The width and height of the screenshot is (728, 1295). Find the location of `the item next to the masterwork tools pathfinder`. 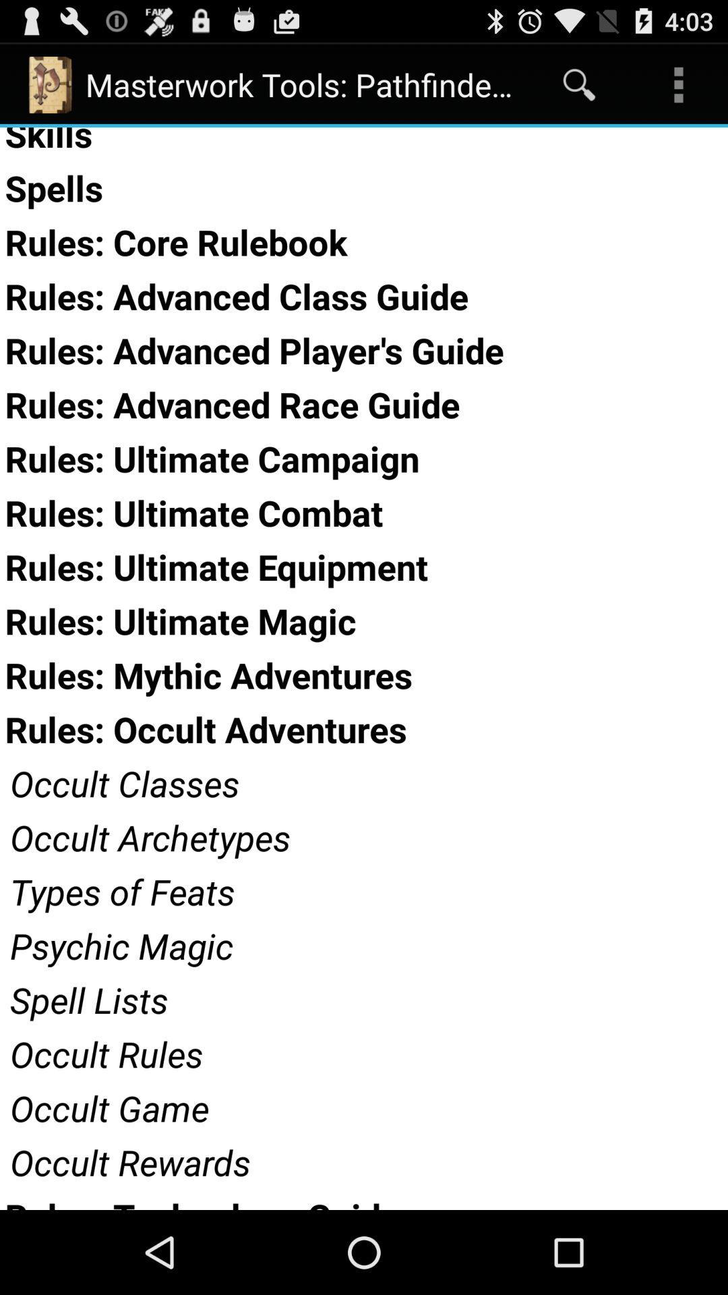

the item next to the masterwork tools pathfinder is located at coordinates (578, 84).